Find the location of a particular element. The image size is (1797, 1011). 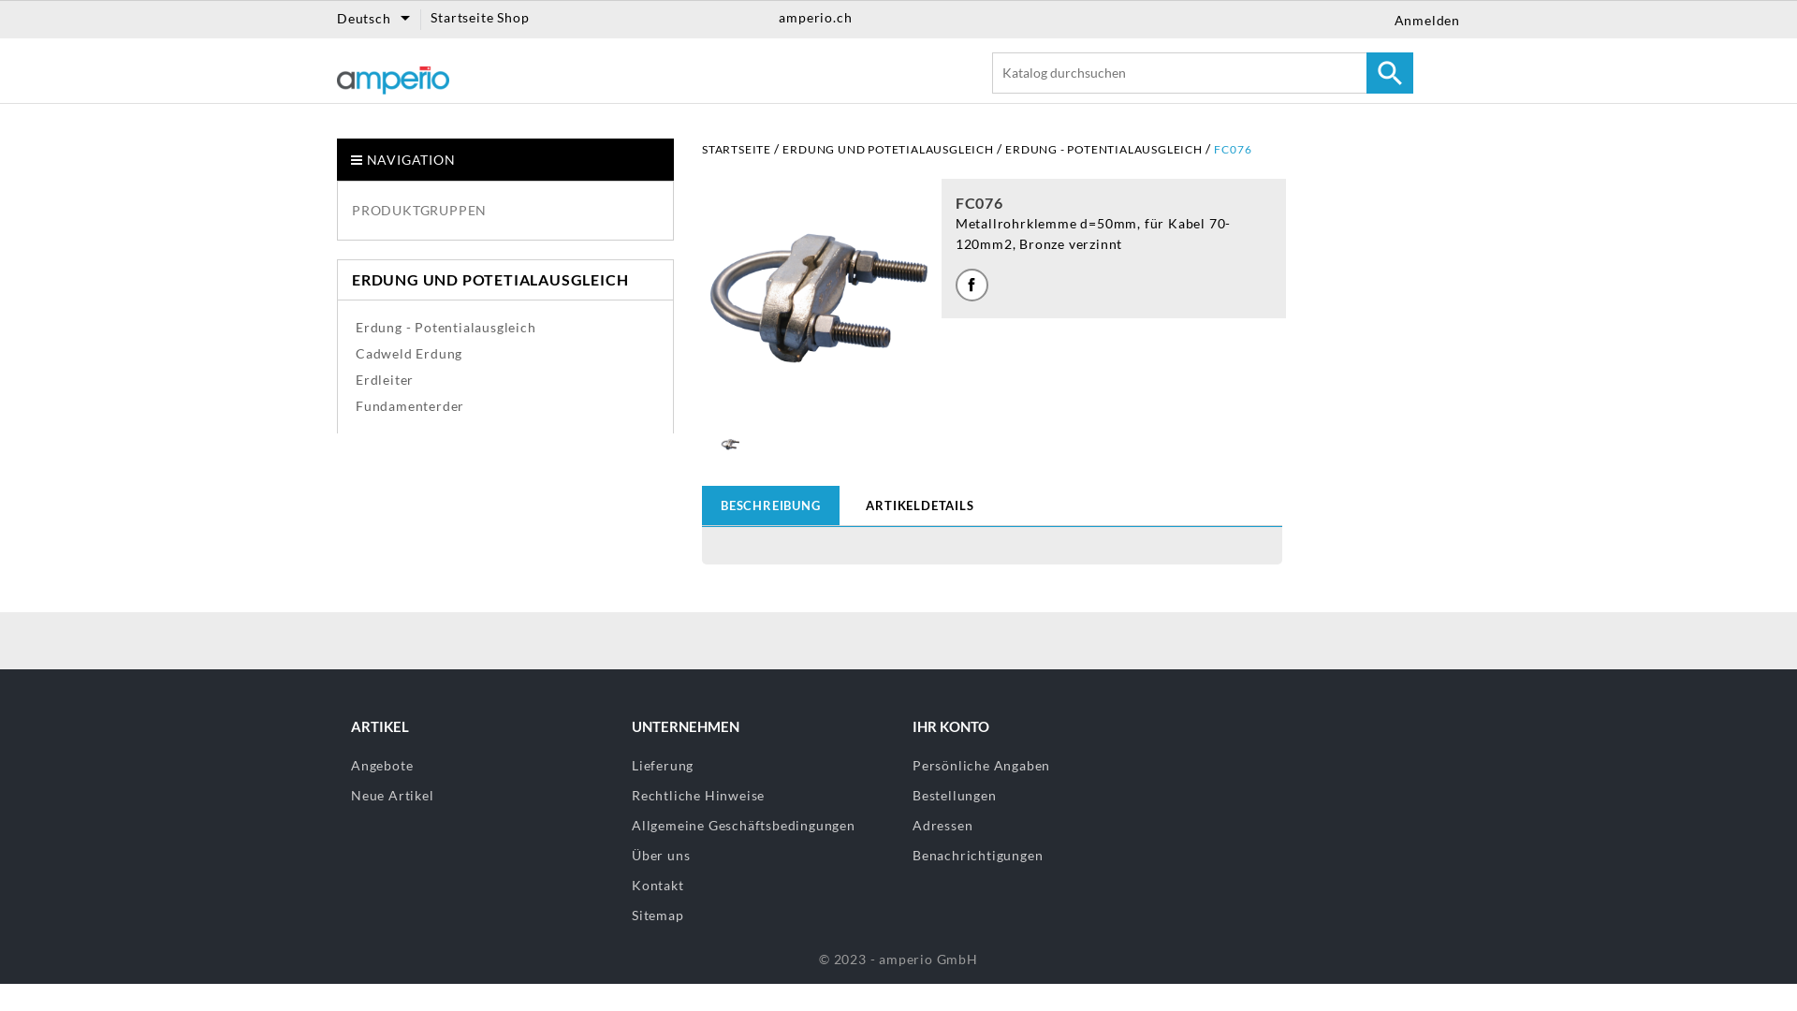

'Startseite Shop' is located at coordinates (479, 17).